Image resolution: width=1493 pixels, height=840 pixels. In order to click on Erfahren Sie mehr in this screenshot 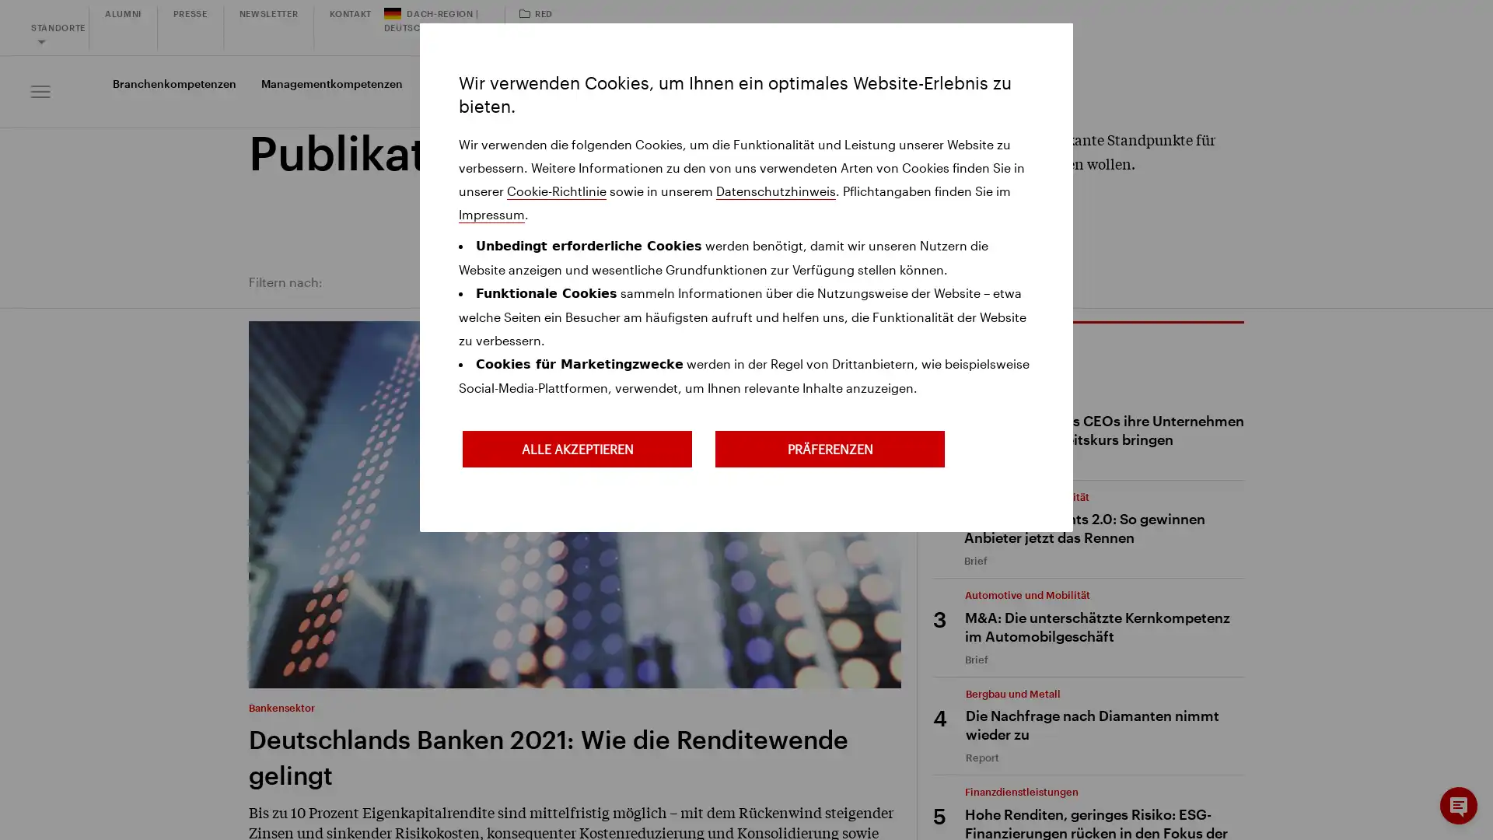, I will do `click(1182, 54)`.